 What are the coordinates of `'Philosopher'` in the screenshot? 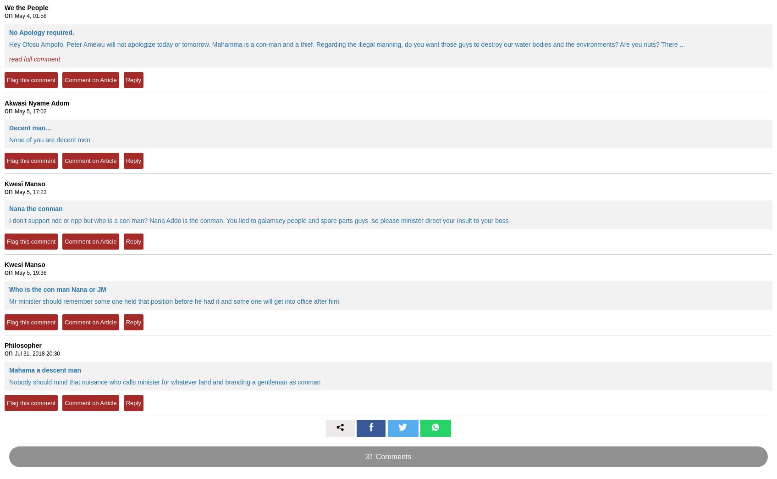 It's located at (5, 345).